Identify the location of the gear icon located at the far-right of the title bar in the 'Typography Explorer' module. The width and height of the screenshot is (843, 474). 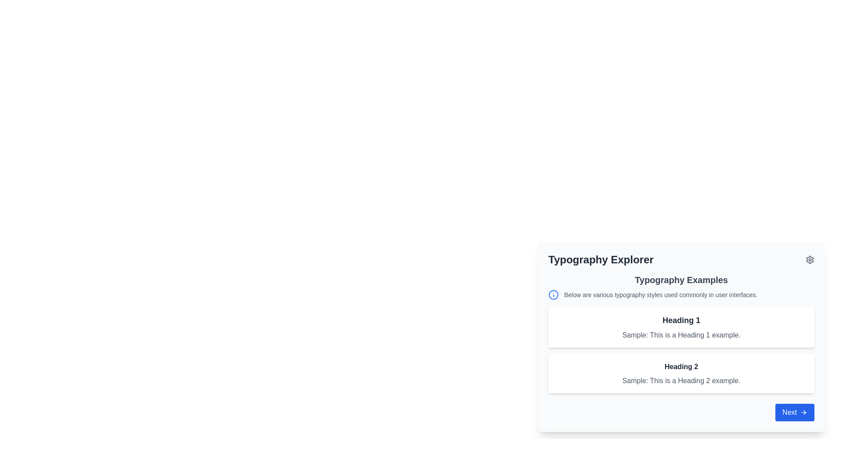
(809, 259).